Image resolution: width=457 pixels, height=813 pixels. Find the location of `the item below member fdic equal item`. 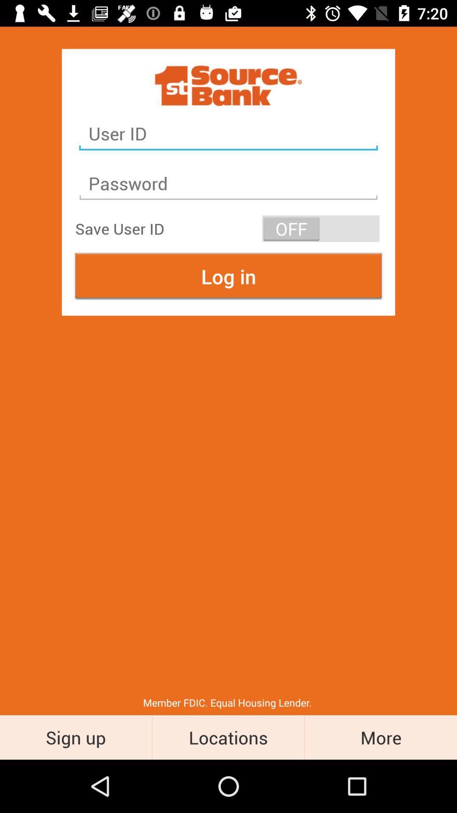

the item below member fdic equal item is located at coordinates (380, 737).